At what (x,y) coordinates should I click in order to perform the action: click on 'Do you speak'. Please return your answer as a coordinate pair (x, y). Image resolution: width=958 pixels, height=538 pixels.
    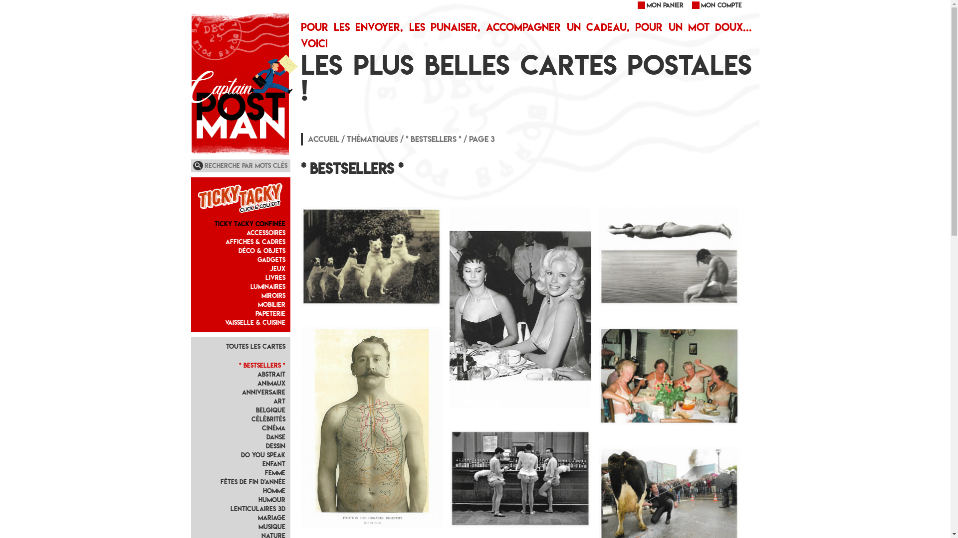
    Looking at the image, I should click on (263, 455).